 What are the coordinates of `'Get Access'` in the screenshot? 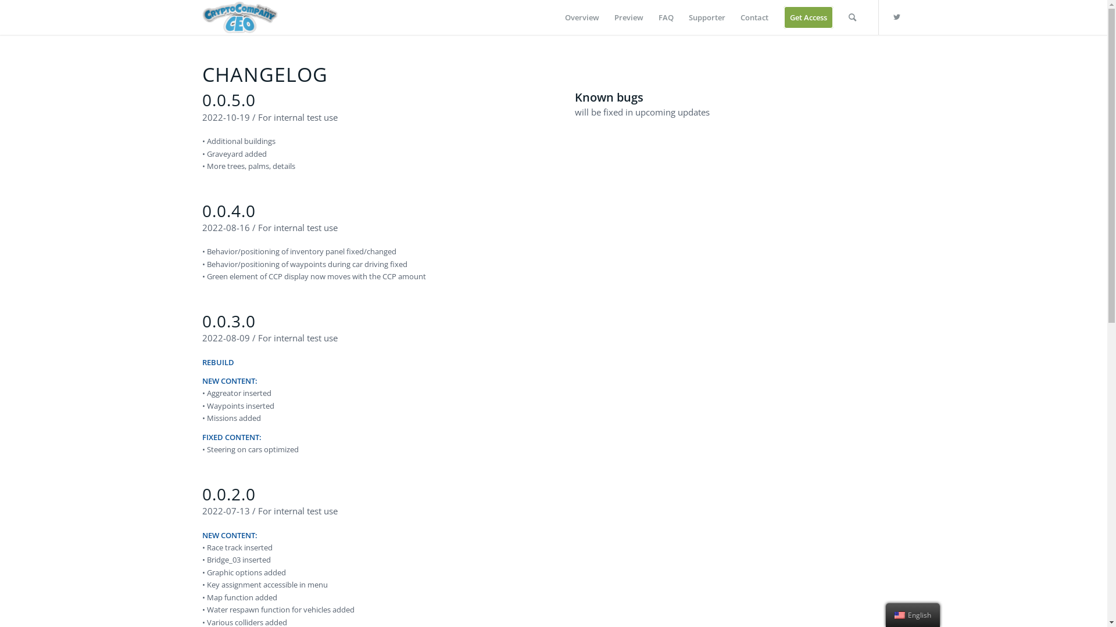 It's located at (807, 17).